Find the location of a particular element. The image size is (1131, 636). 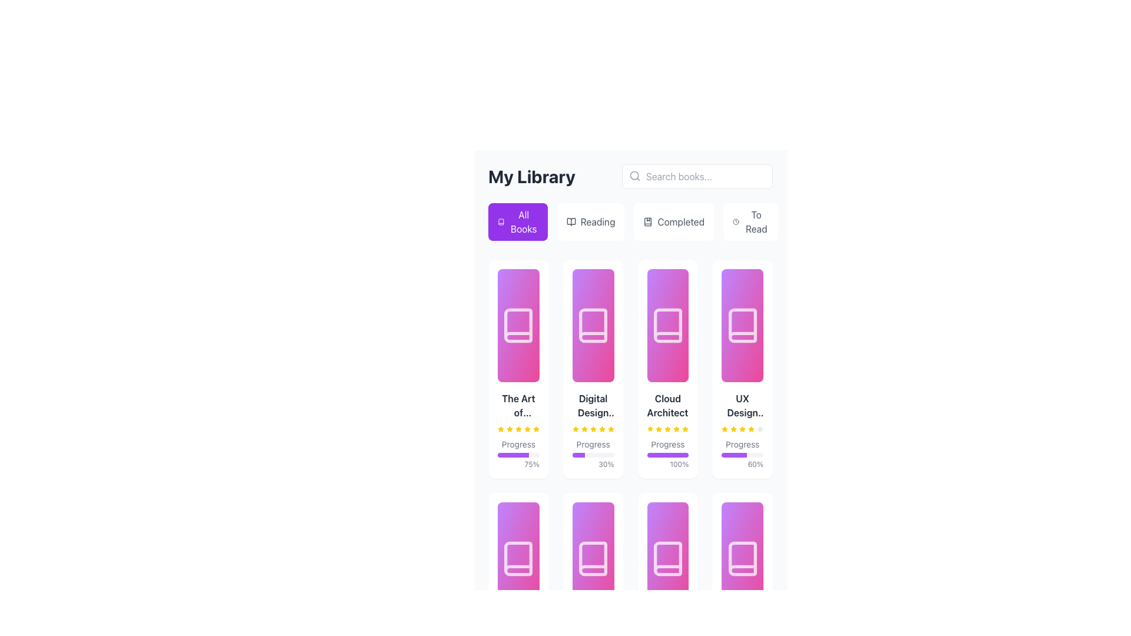

the filled star icon indicating a rating in the fourth book card of the digital library interface is located at coordinates (750, 429).